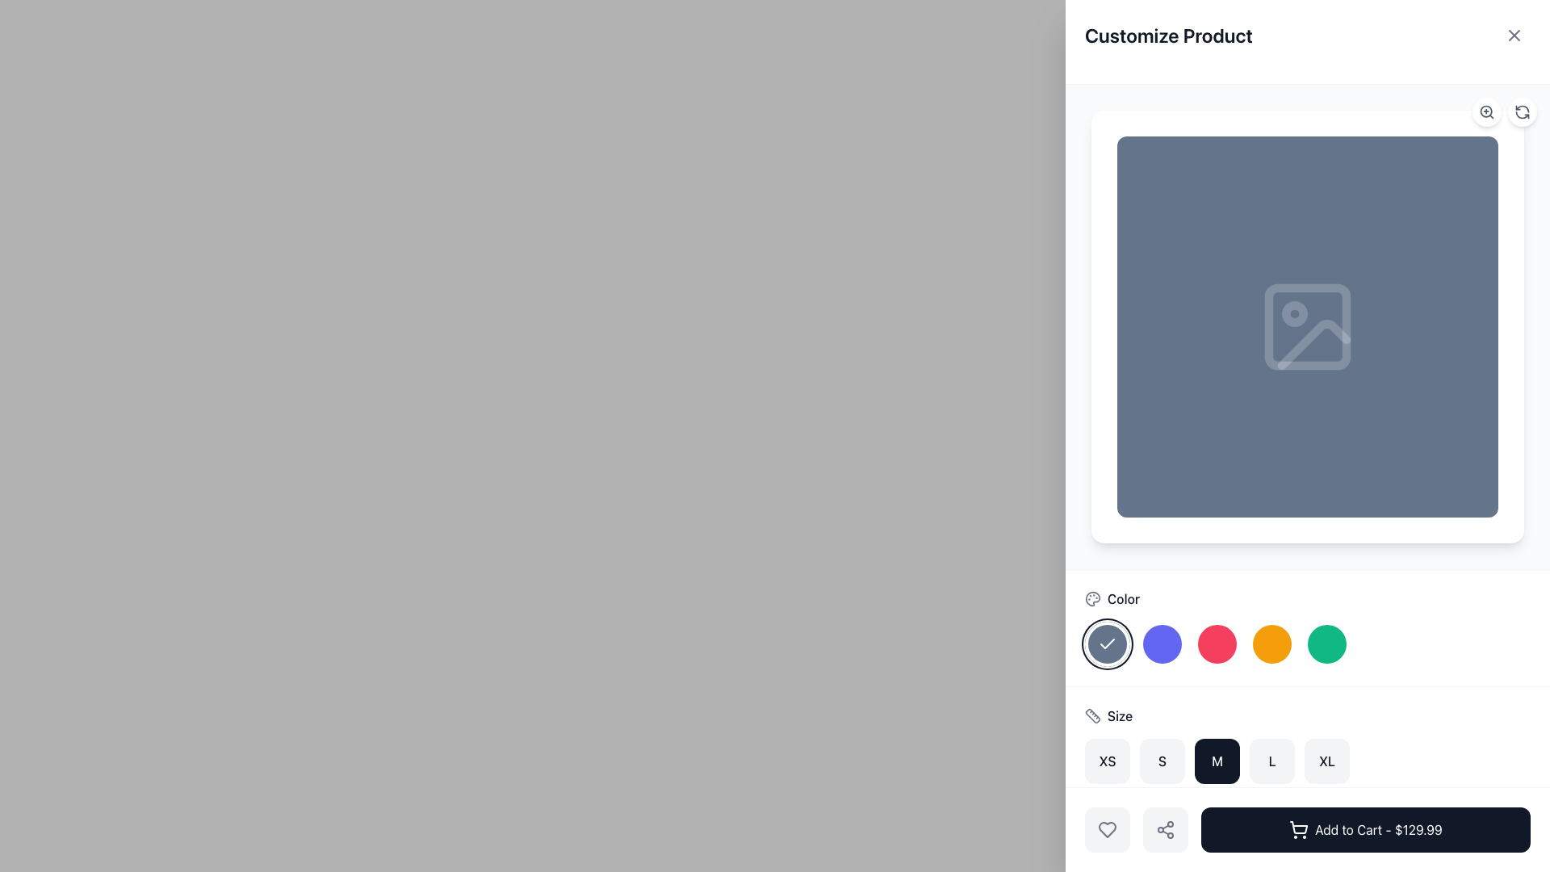  Describe the element at coordinates (1503, 111) in the screenshot. I see `the left button of the grouped interactive buttons in the top right corner of the interface to zoom in` at that location.